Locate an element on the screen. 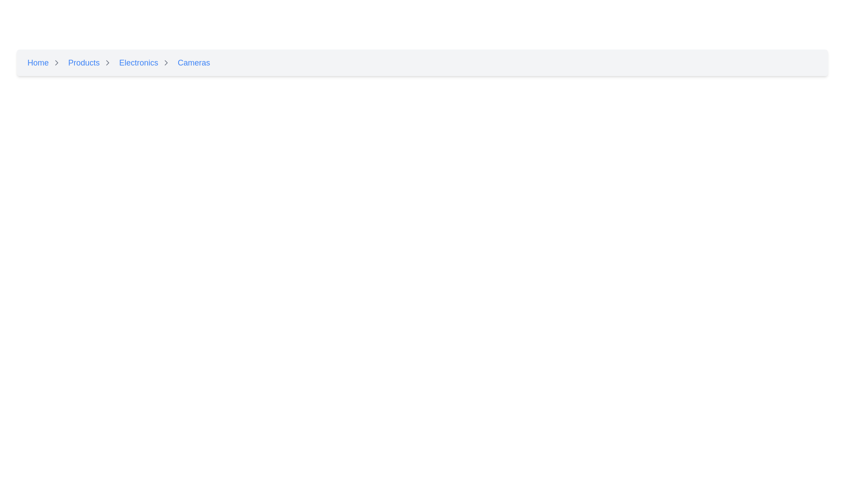  the right-facing chevron icon, which is styled as a gray SVG graphic with a thin 2-pixel stroke, located between the 'Products' and 'Electronics' breadcrumb links is located at coordinates (107, 62).